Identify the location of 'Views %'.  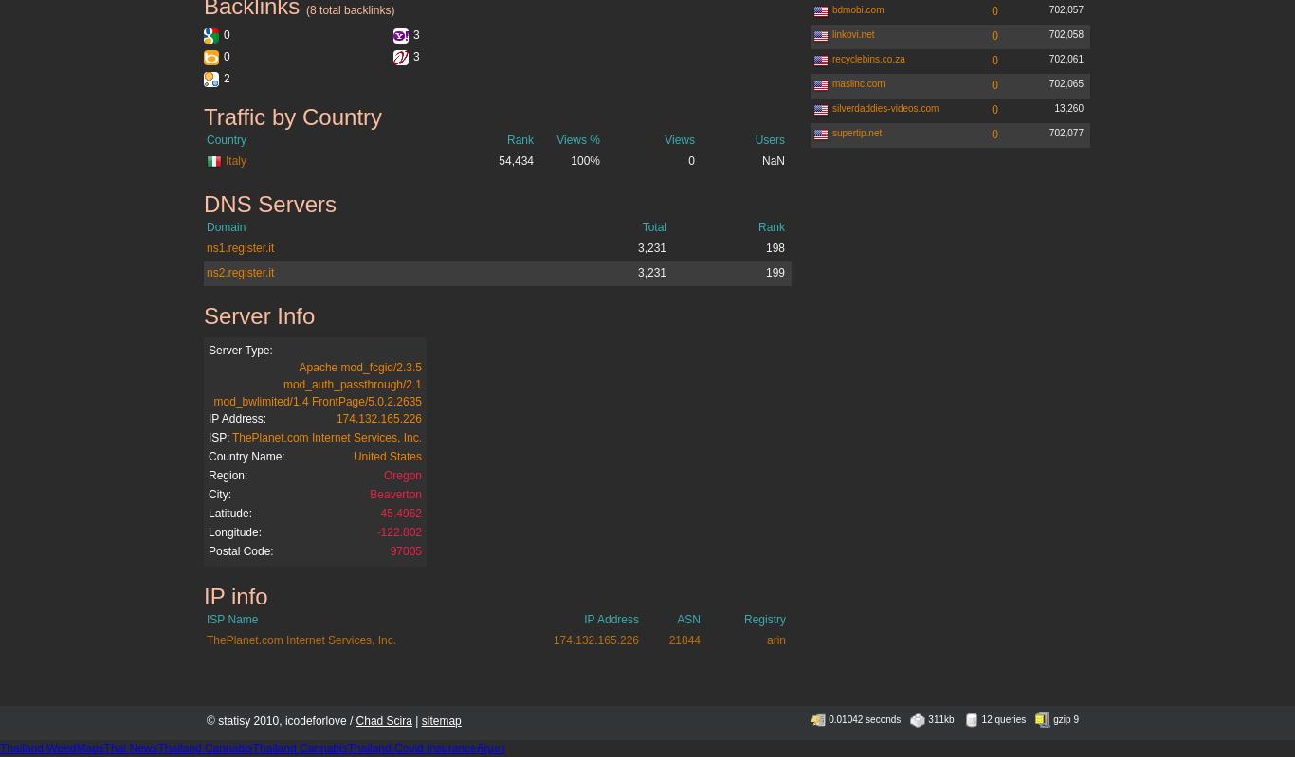
(555, 139).